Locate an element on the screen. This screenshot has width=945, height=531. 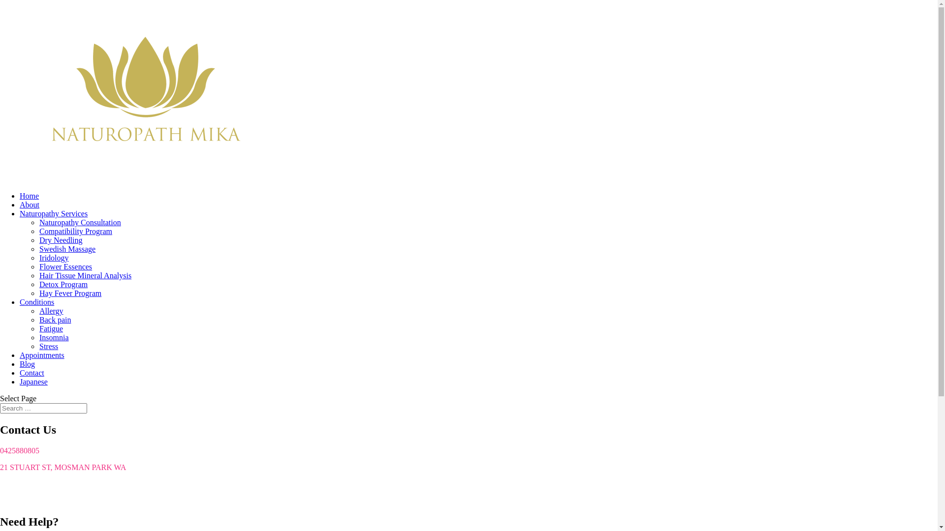
'Conditions' is located at coordinates (37, 301).